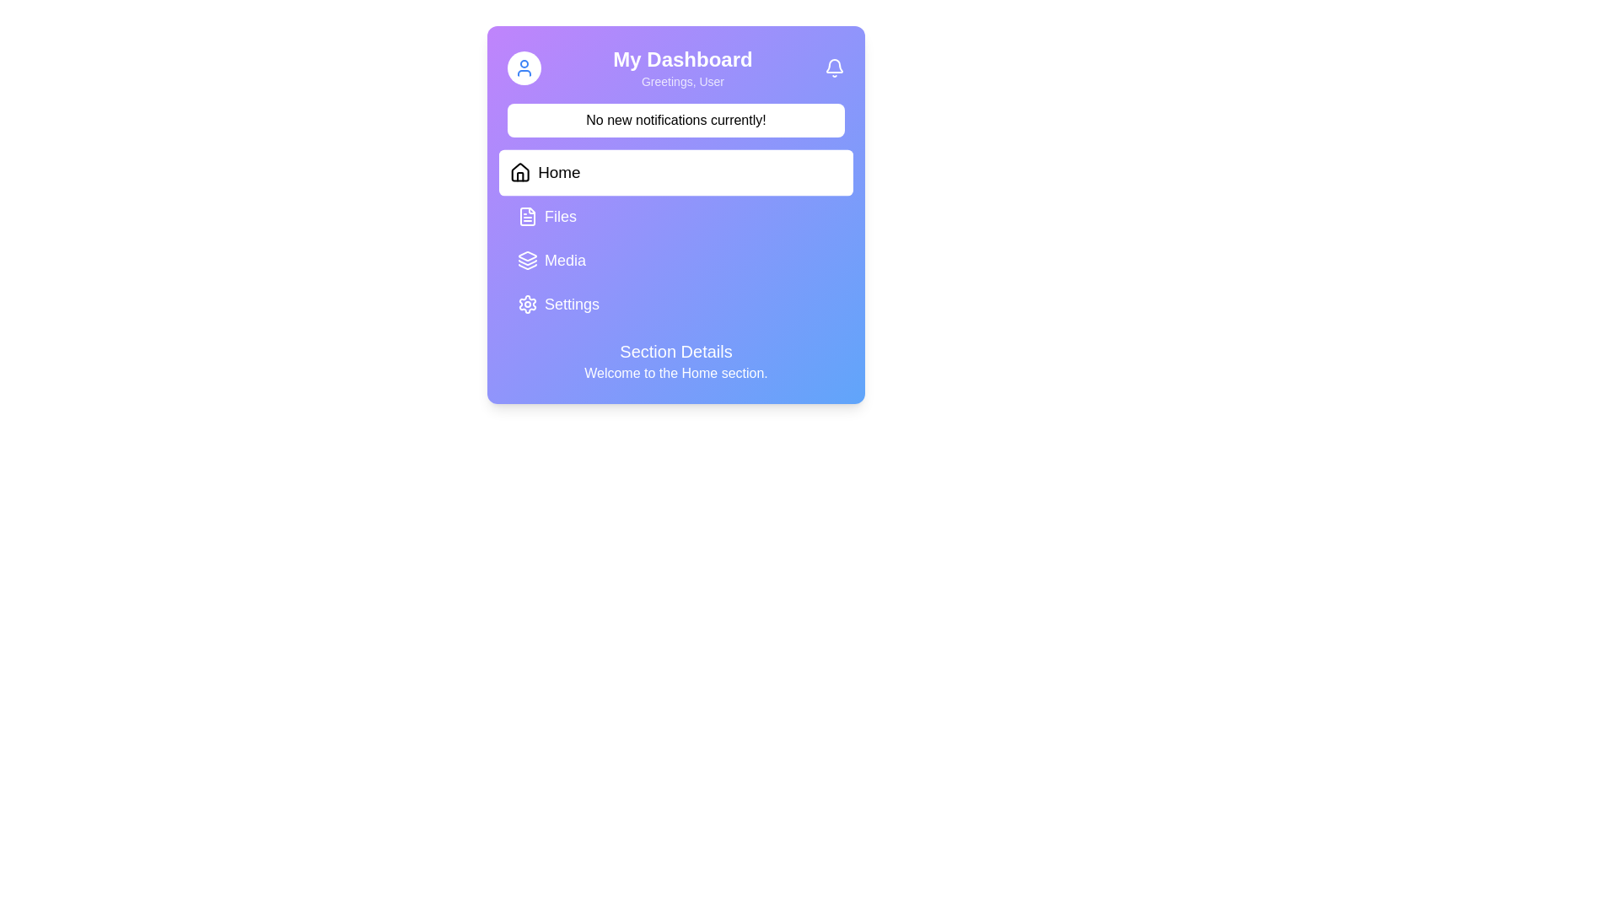  Describe the element at coordinates (675, 119) in the screenshot. I see `informational text displayed in the text display box located in the center of the dashboard, underneath the greeting message section and above the navigation menu items` at that location.